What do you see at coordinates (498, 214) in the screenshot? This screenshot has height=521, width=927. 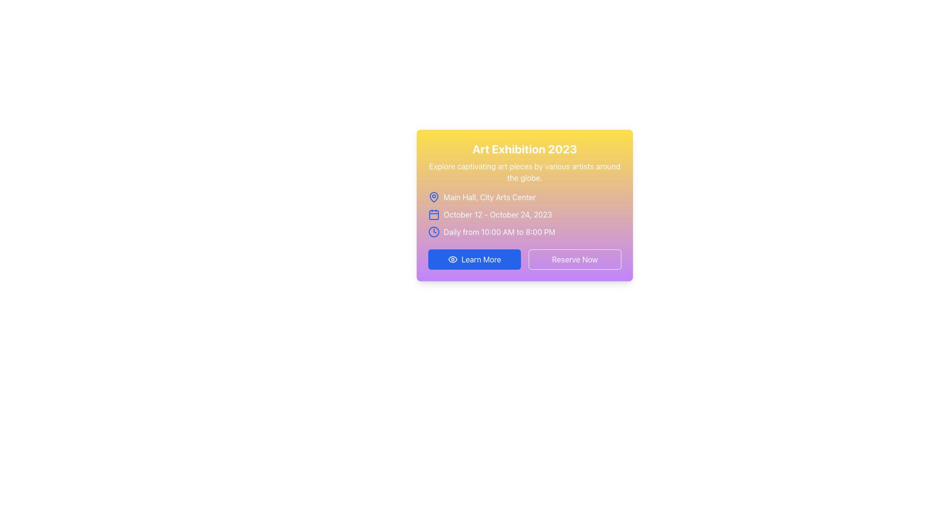 I see `dates displayed in the text element that shows 'October 12 - October 24, 2023', which is styled in white font color and slightly bold, located within a card layout beneath the event location information` at bounding box center [498, 214].